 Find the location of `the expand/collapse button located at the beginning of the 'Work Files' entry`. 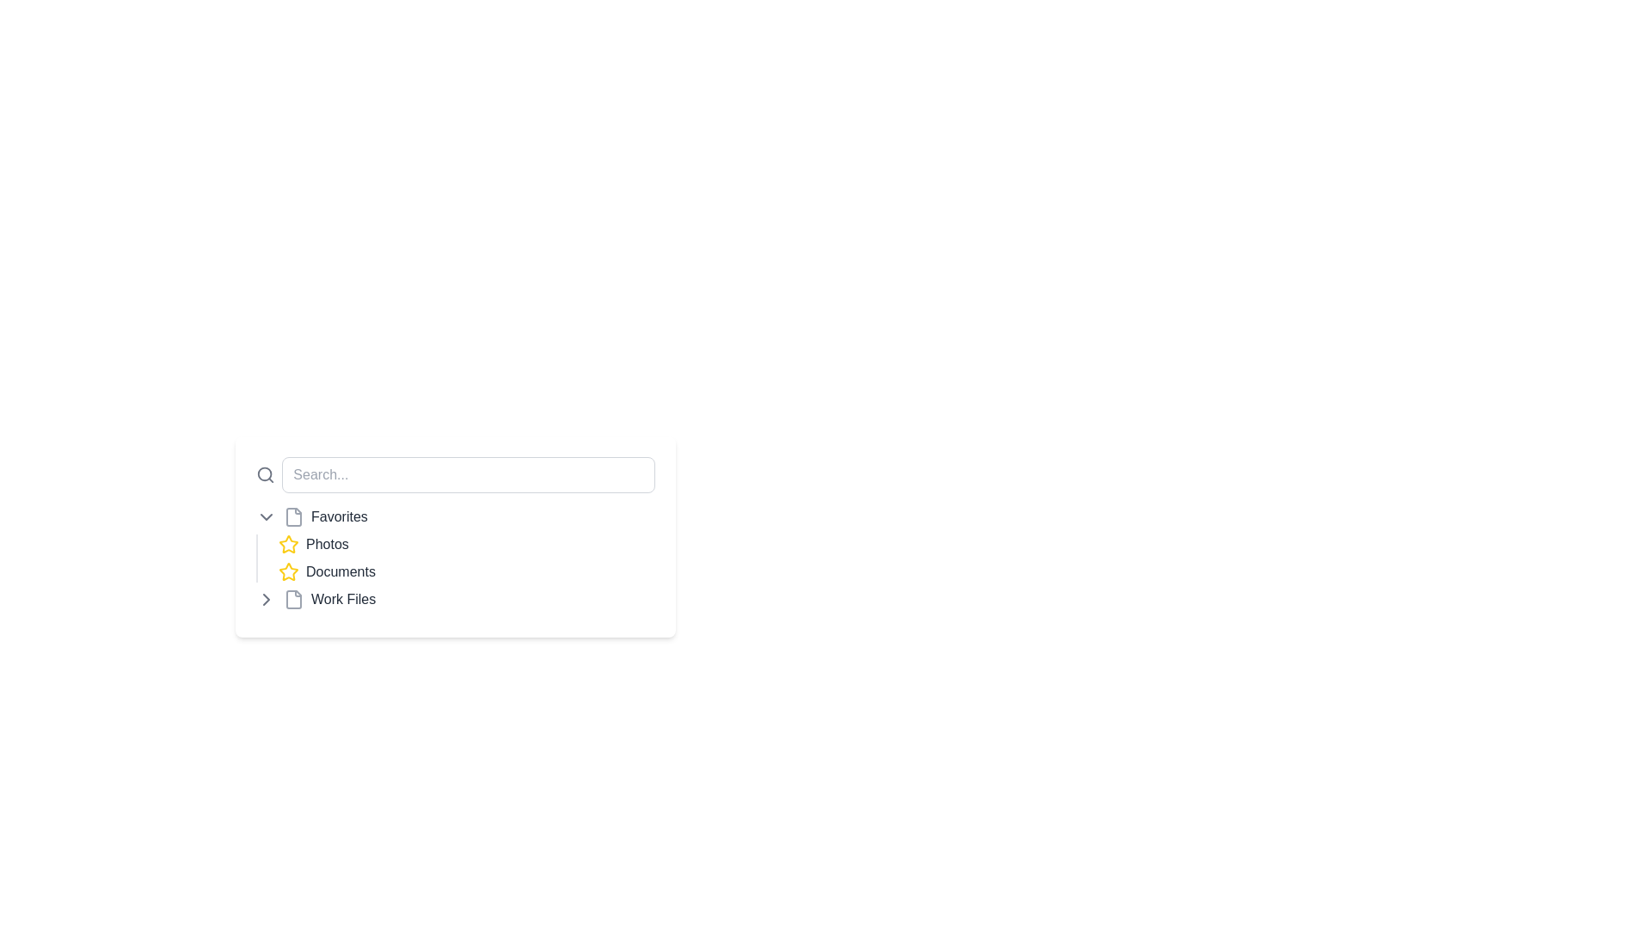

the expand/collapse button located at the beginning of the 'Work Files' entry is located at coordinates (266, 599).